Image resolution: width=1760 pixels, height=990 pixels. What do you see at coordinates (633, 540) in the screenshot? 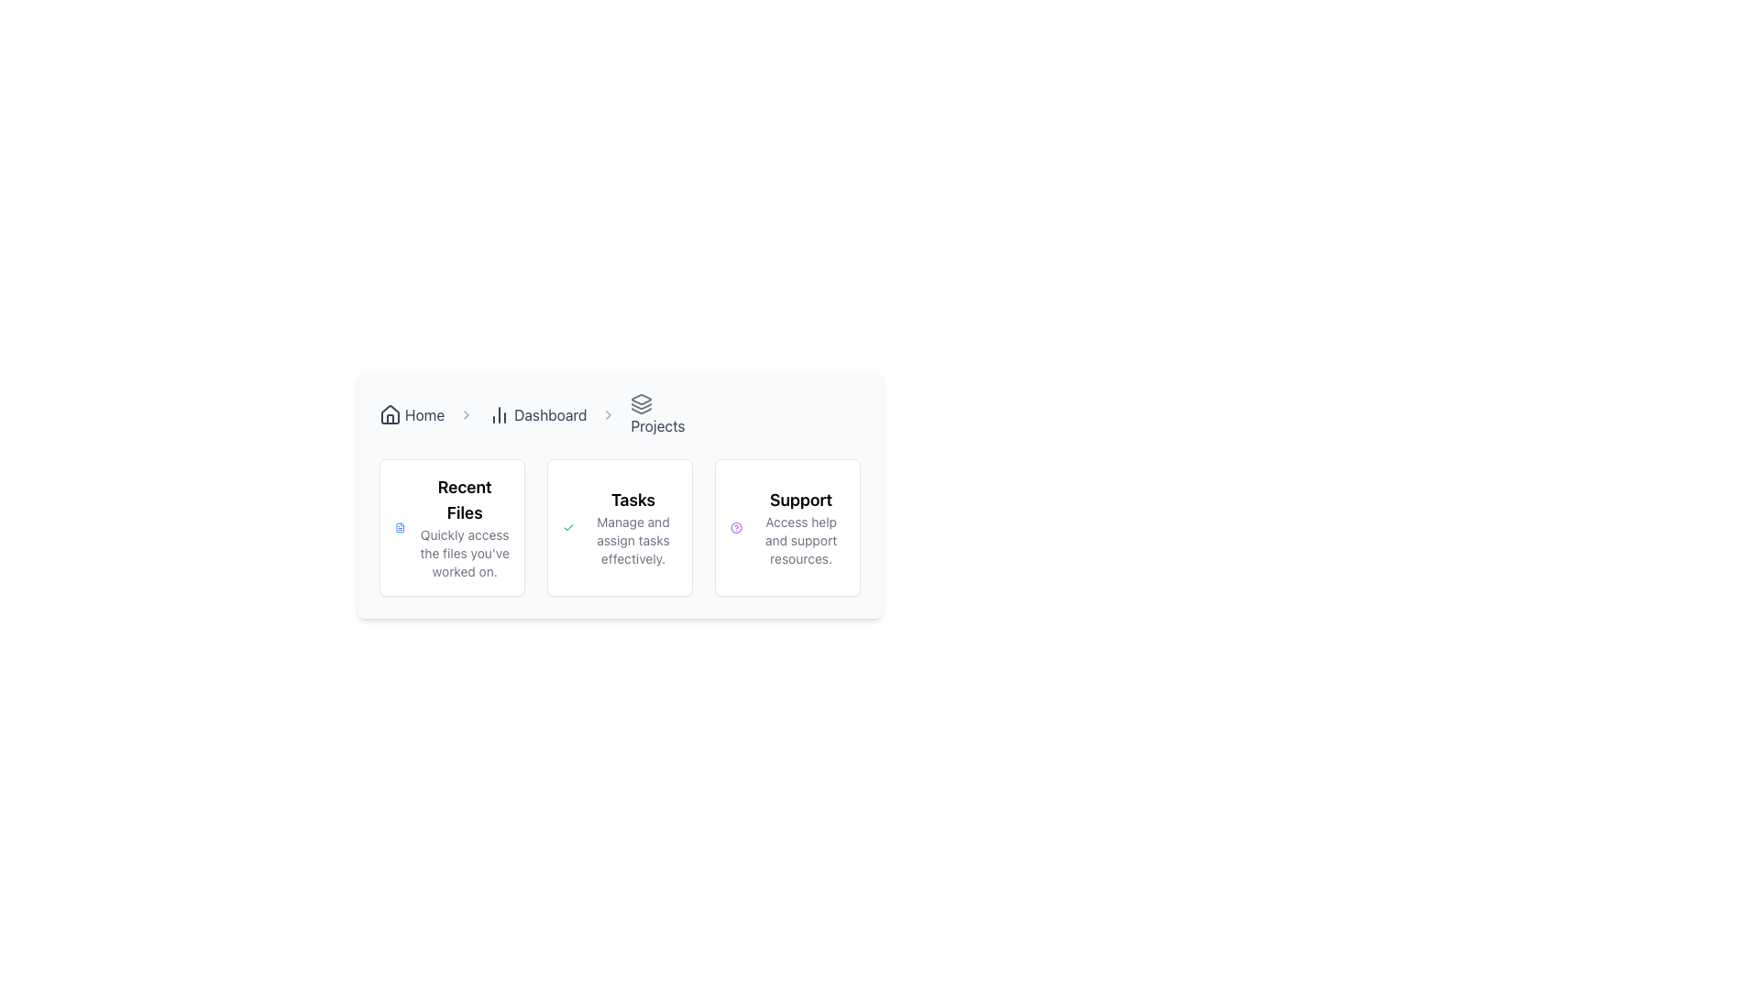
I see `the text element containing the phrase 'Manage and assign tasks effectively.', which is styled in gray and positioned below the 'Tasks' heading in the middle column of the layout` at bounding box center [633, 540].